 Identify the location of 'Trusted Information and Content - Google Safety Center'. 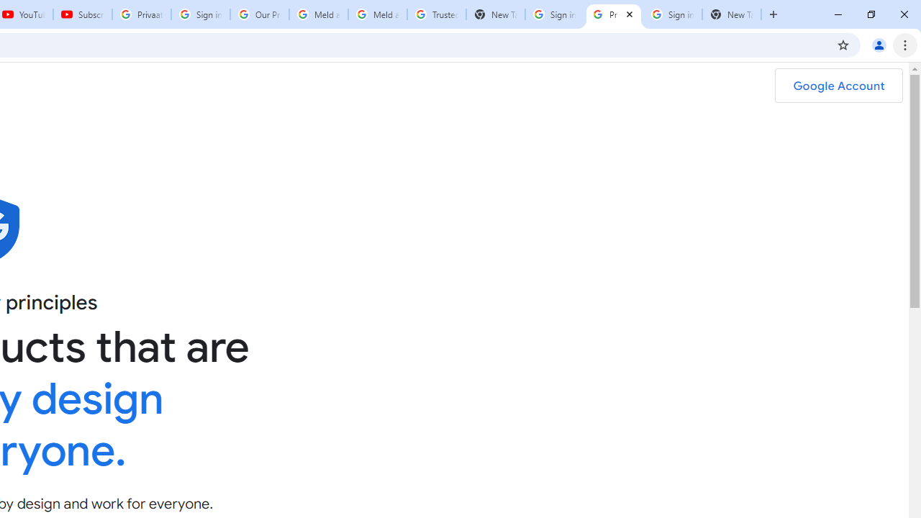
(435, 14).